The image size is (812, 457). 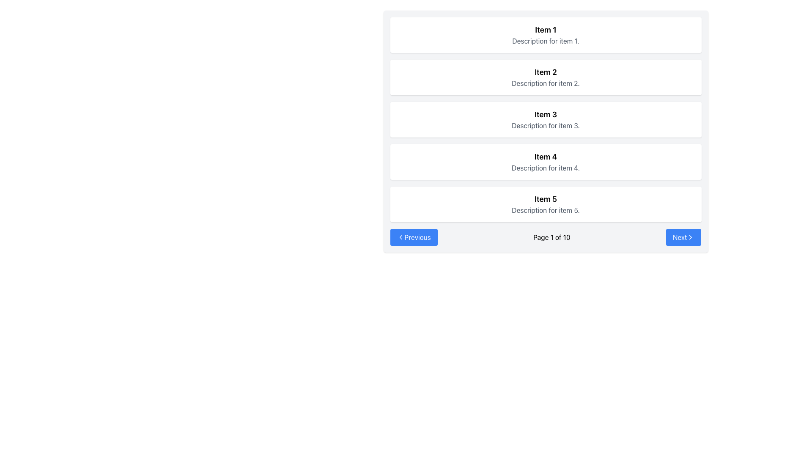 I want to click on the Text label that provides the description for 'Item 3', which is centered vertically and horizontally spans the text 'Description for item 3.', so click(x=546, y=126).